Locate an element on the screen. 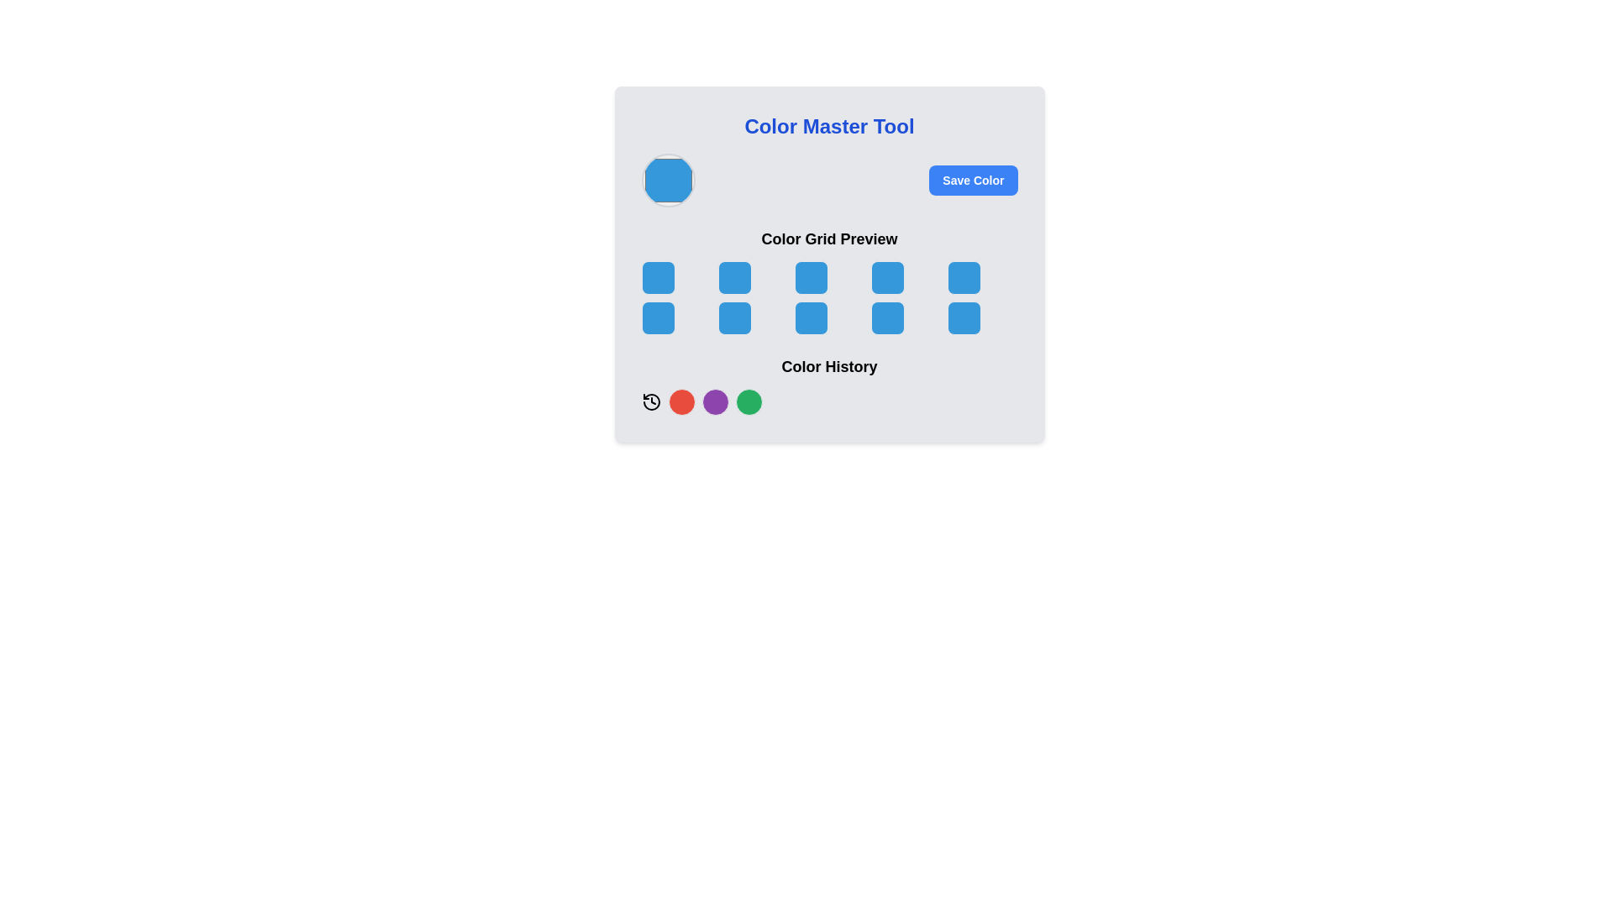  text displayed in the static section header located at the top-central position of the interface is located at coordinates (829, 125).